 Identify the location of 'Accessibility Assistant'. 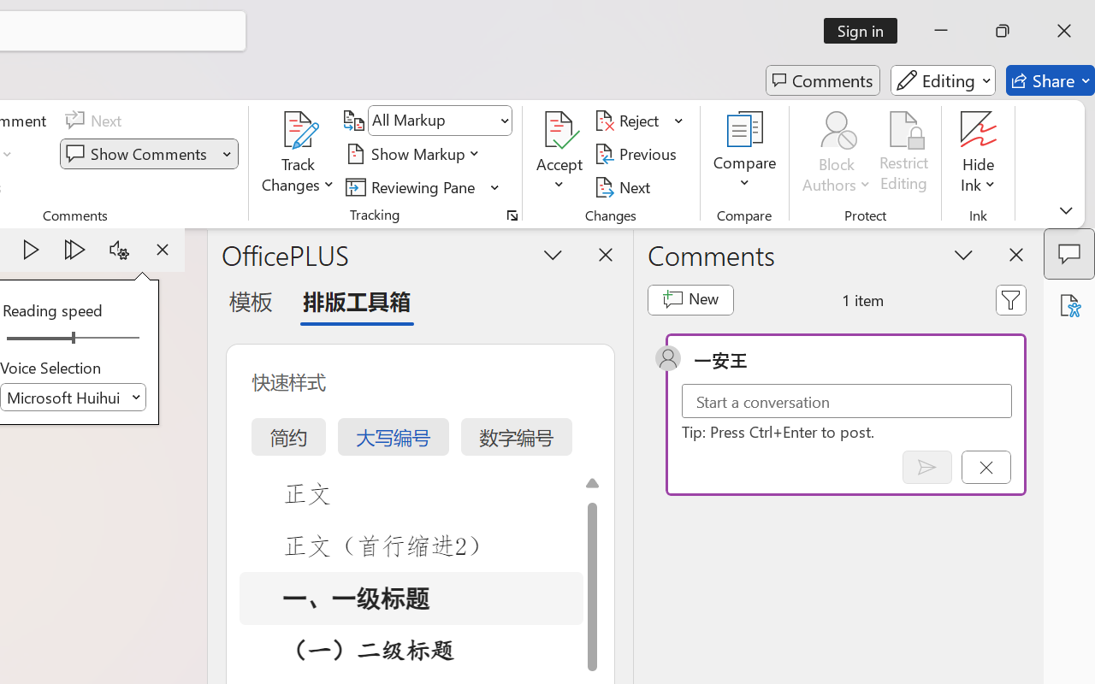
(1068, 305).